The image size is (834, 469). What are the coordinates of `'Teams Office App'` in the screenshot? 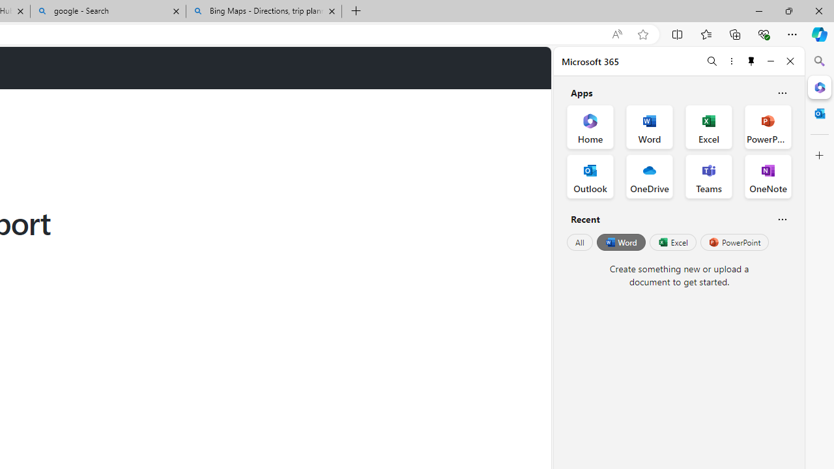 It's located at (708, 177).